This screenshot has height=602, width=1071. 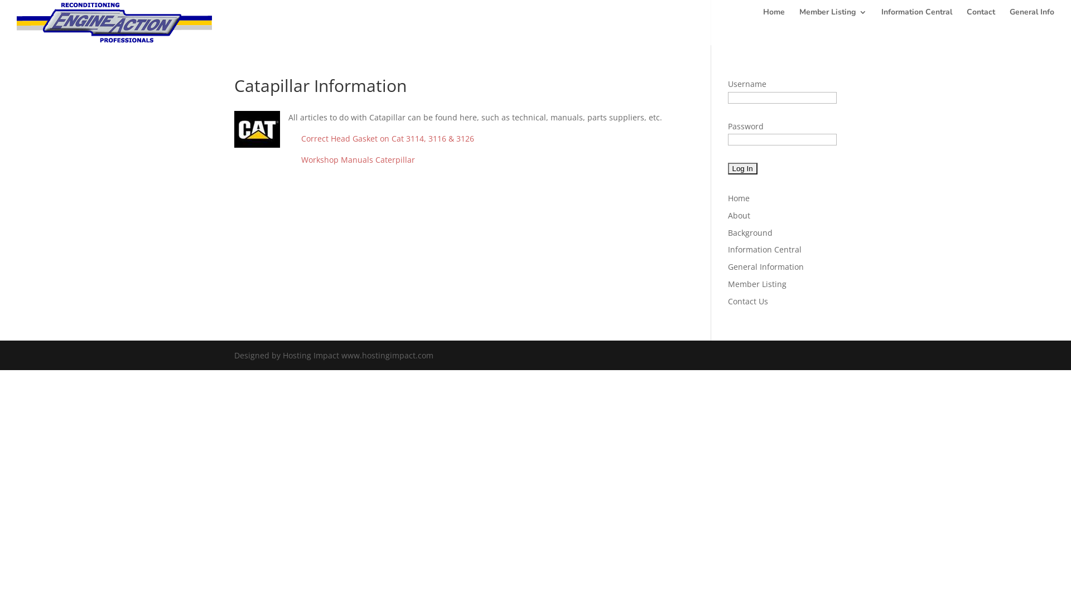 What do you see at coordinates (388, 138) in the screenshot?
I see `'Correct Head Gasket on Cat 3114, 3116 & 3126'` at bounding box center [388, 138].